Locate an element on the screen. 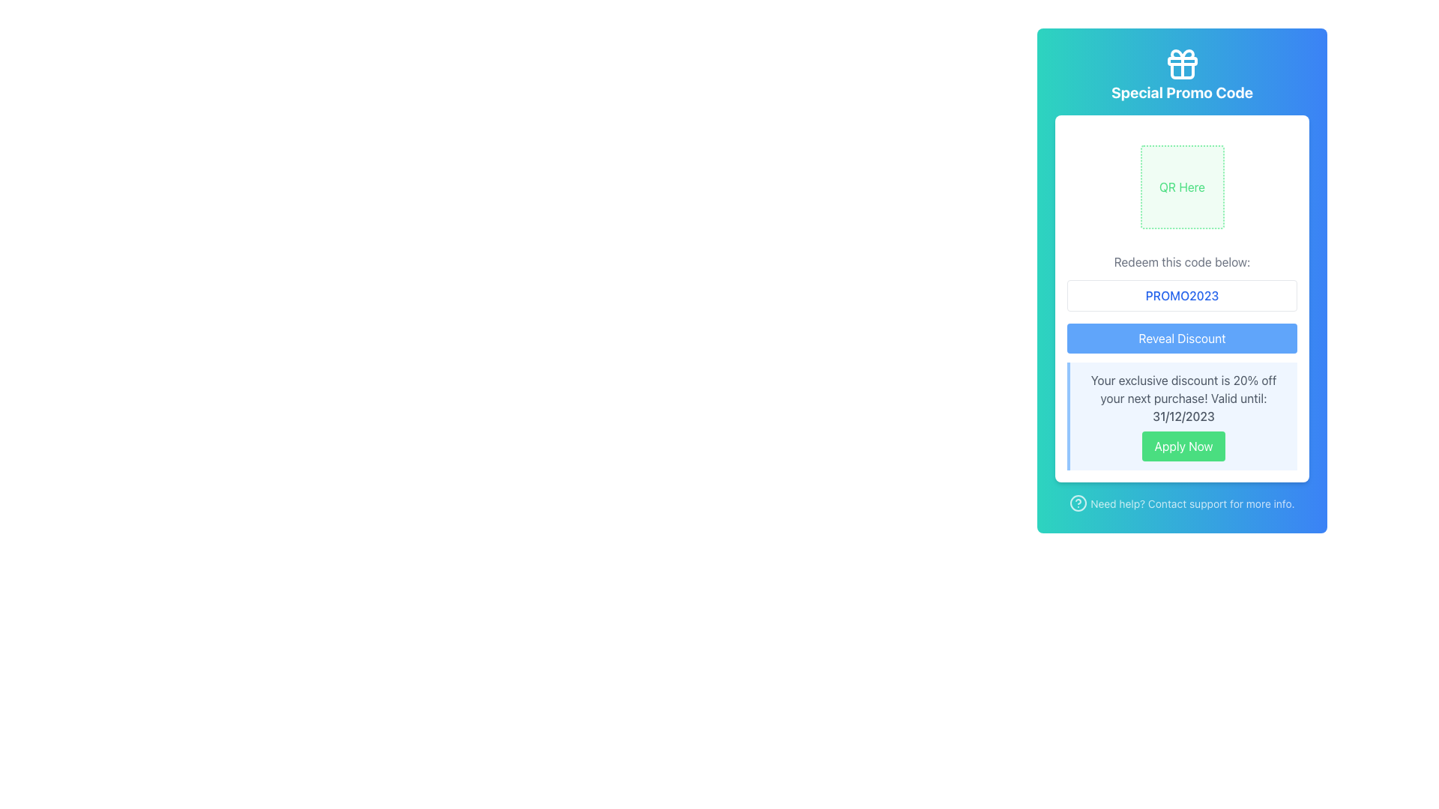 The image size is (1439, 809). the decorative Circle graphic within the SVG help icon located in the bottom-left corner of the interface is located at coordinates (1078, 503).